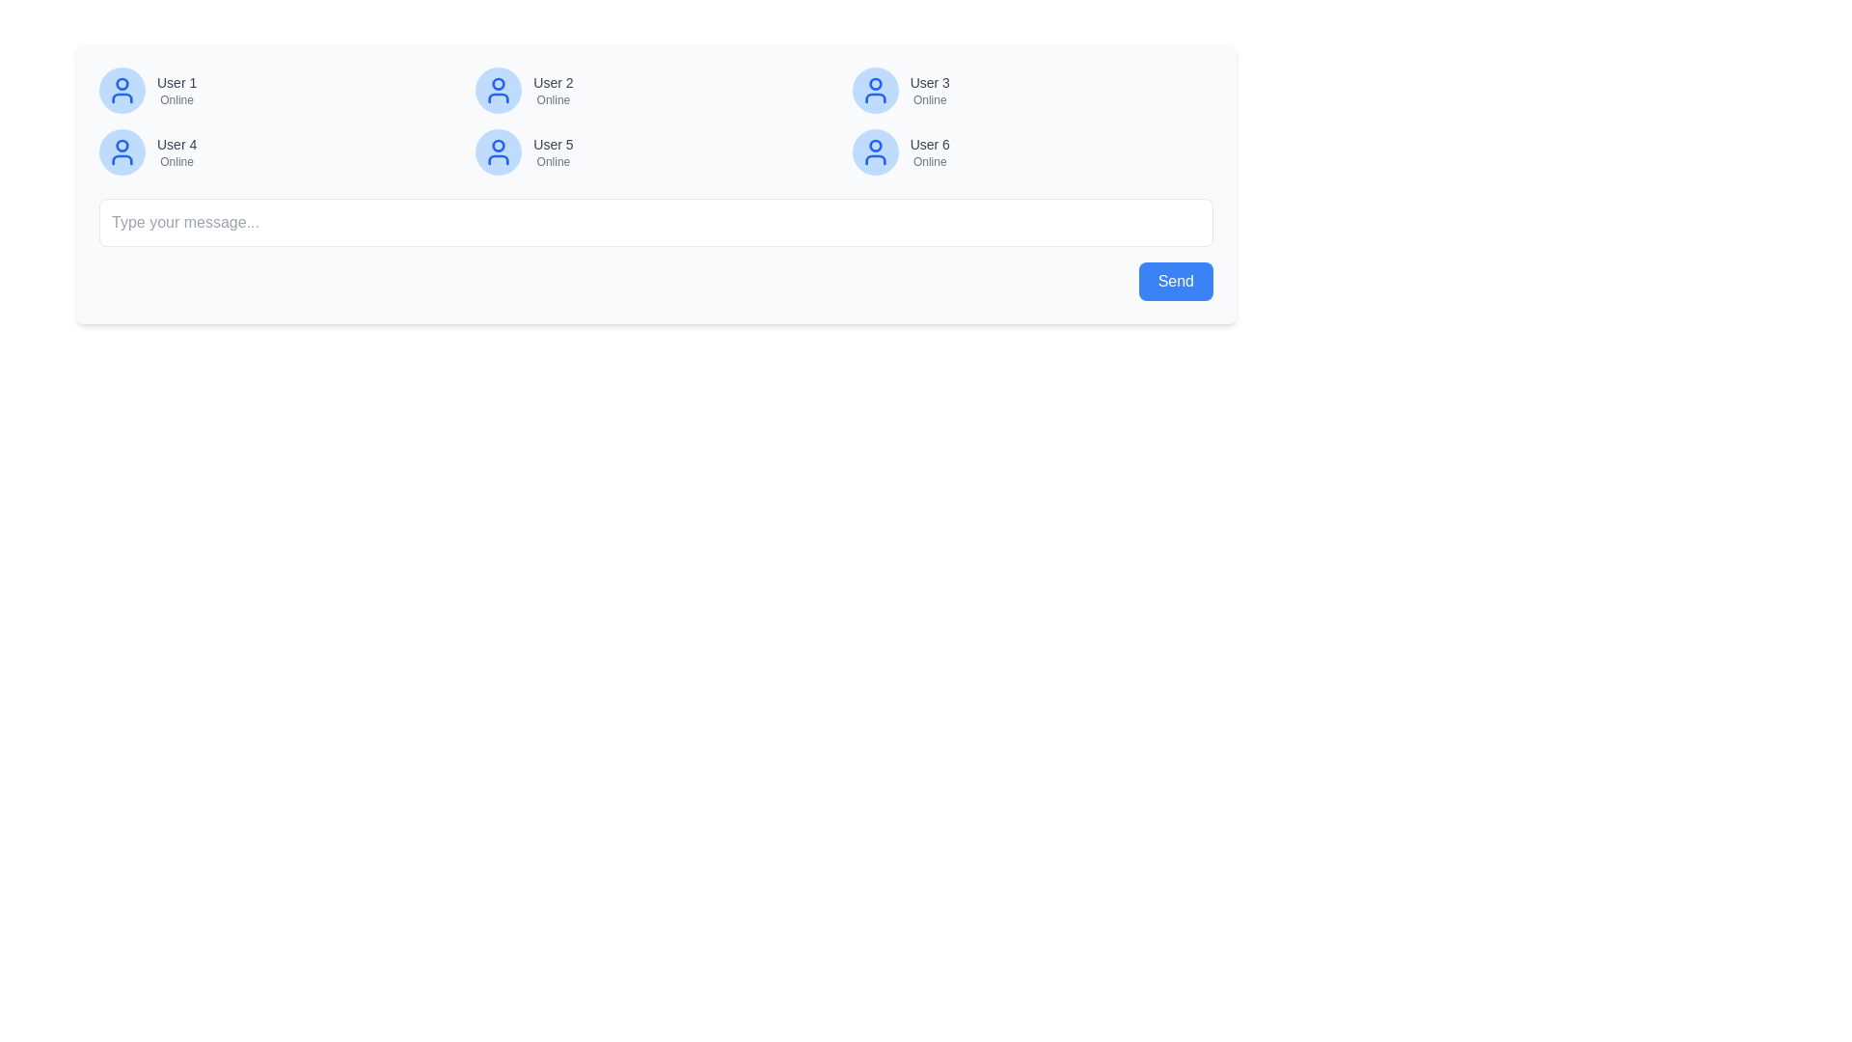  Describe the element at coordinates (177, 81) in the screenshot. I see `the text label displaying 'User 1', which is styled in gray and located above another label reading 'Online'` at that location.